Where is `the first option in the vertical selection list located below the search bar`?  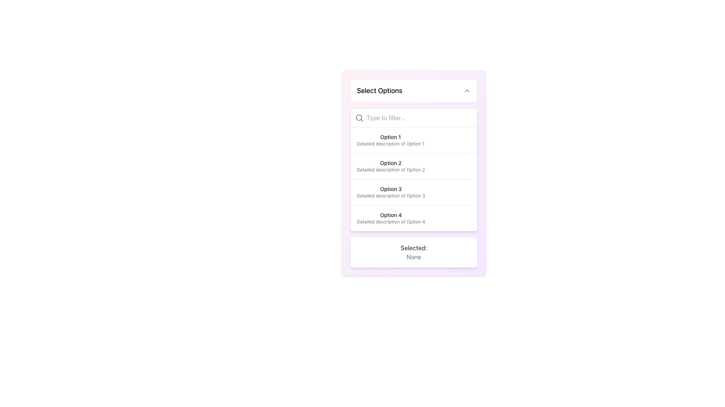 the first option in the vertical selection list located below the search bar is located at coordinates (413, 140).